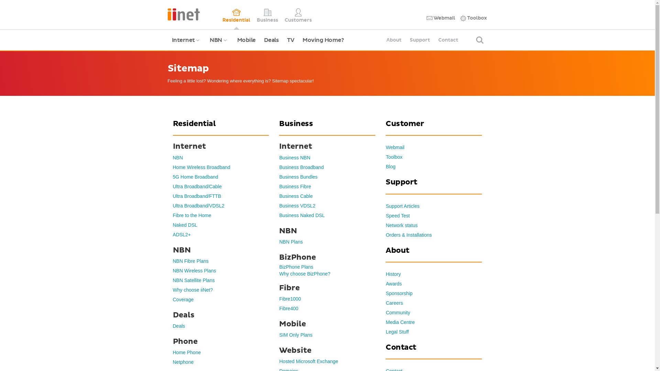 The height and width of the screenshot is (371, 660). I want to click on 'Support Articles', so click(403, 206).